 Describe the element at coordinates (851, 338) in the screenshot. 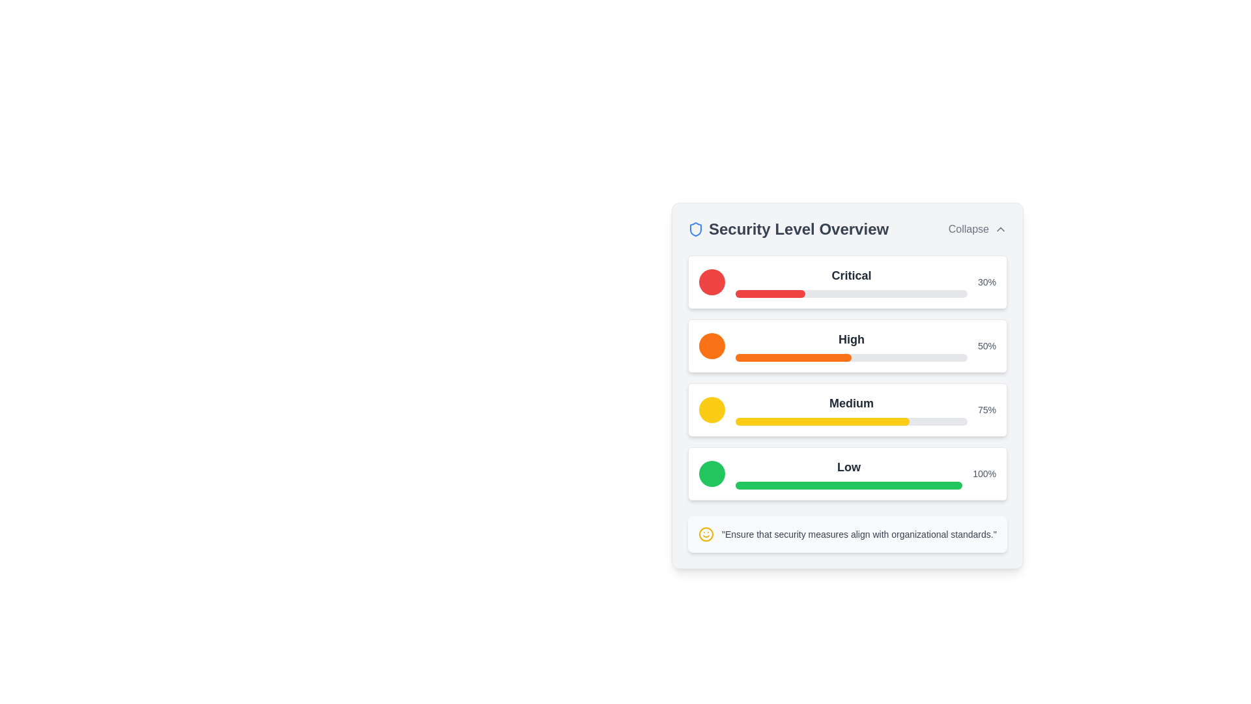

I see `the text label displaying 'High', which is styled in bold, large dark gray font, located above a horizontal progress bar and to the right of an orange circular icon in the 'Security Level Overview' section` at that location.